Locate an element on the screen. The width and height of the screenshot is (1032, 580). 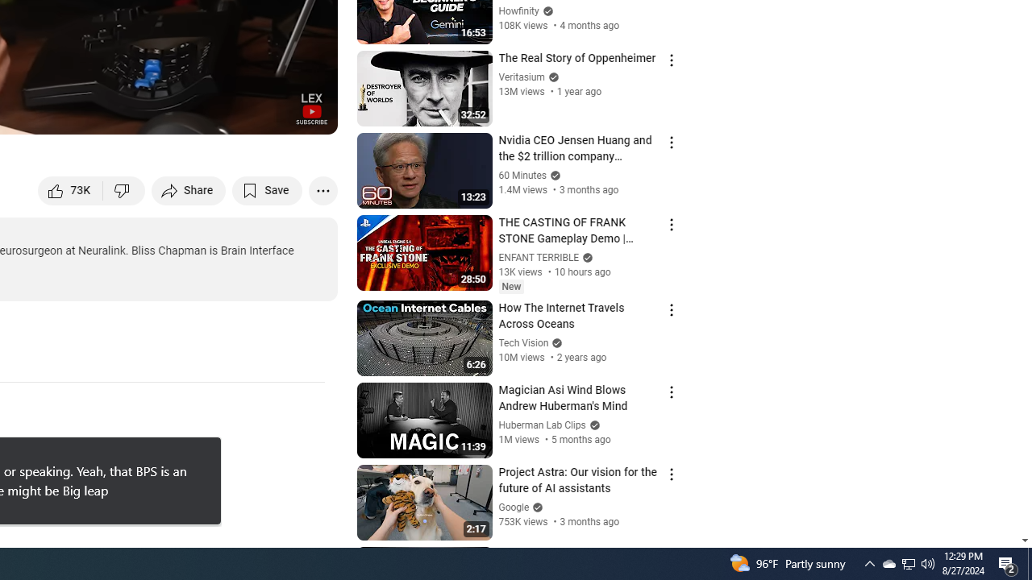
'Save to playlist' is located at coordinates (267, 189).